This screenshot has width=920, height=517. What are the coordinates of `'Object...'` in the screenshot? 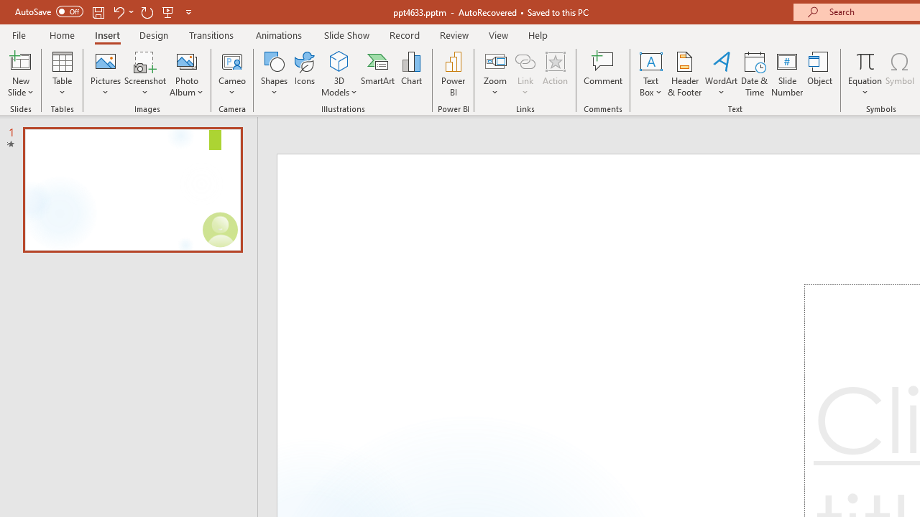 It's located at (820, 74).